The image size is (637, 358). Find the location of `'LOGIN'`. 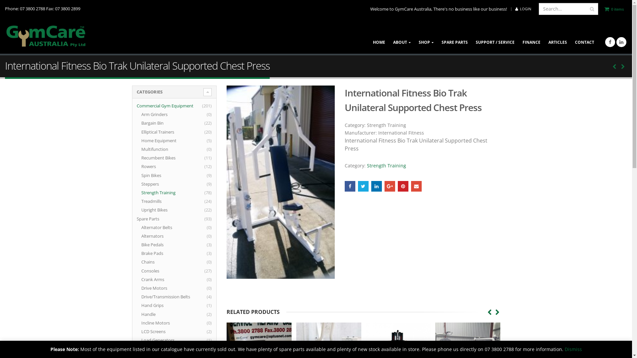

'LOGIN' is located at coordinates (523, 9).